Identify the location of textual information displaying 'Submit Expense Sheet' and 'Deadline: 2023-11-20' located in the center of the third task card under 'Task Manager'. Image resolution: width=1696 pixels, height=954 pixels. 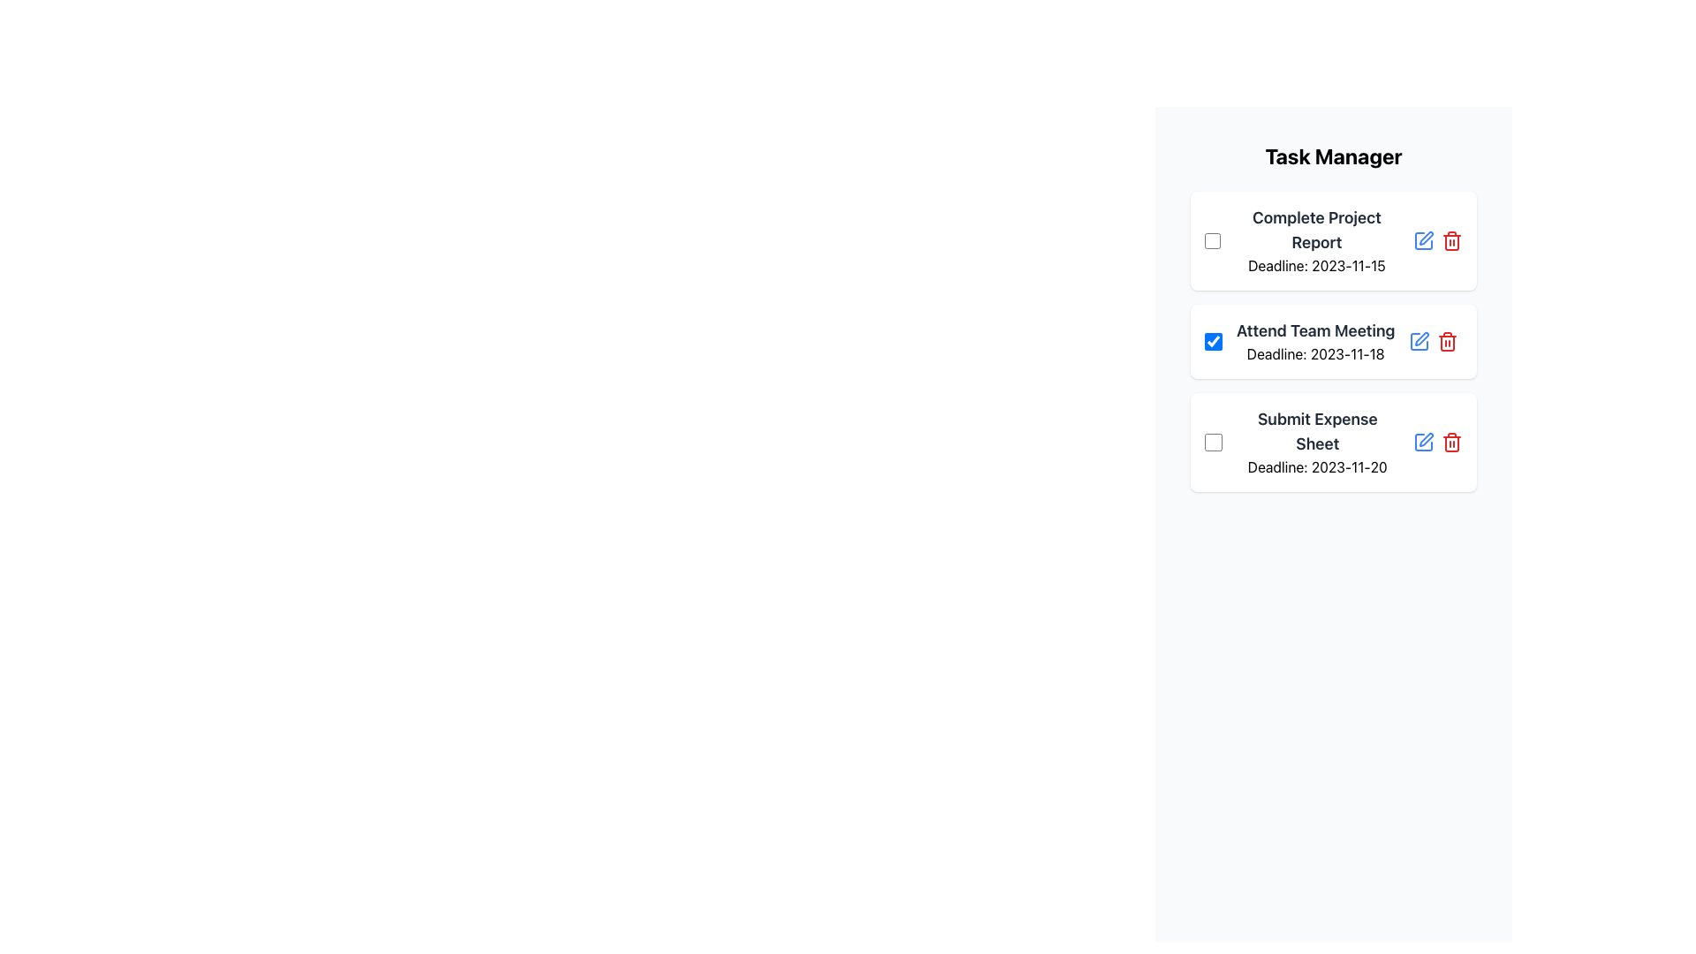
(1317, 442).